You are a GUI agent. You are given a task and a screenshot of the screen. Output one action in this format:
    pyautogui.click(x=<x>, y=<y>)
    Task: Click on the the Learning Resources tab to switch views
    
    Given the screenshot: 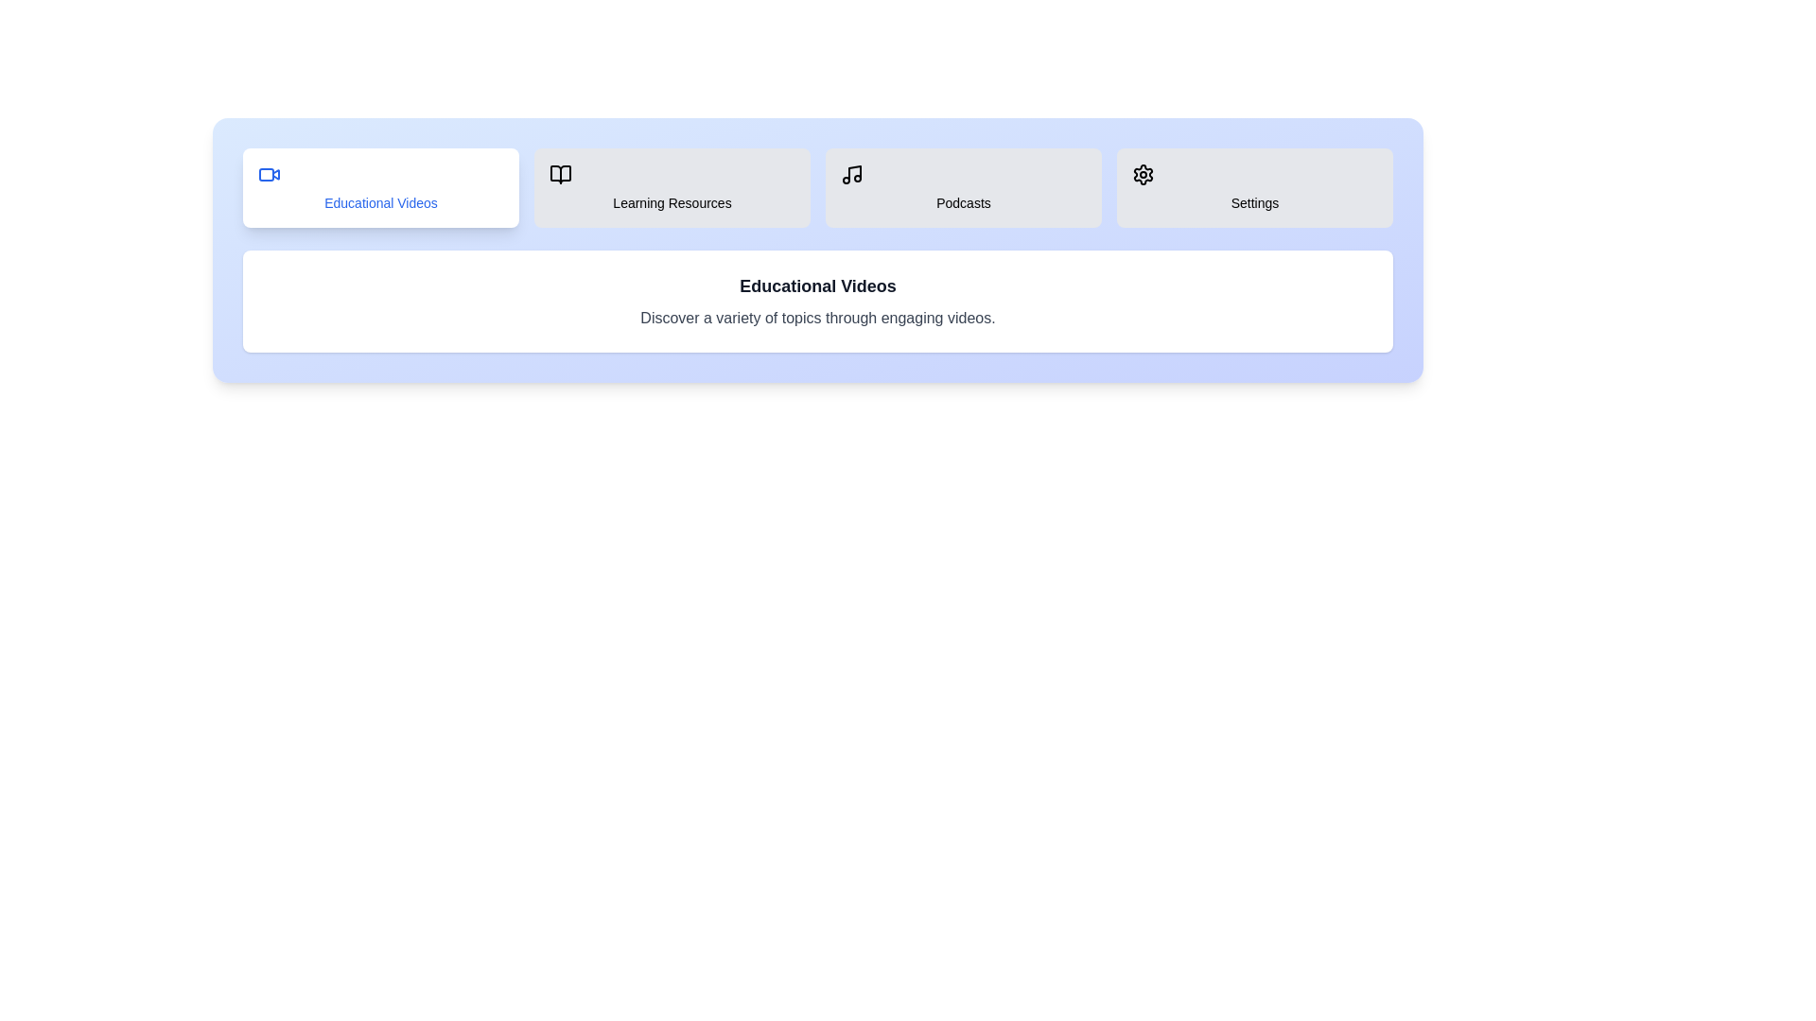 What is the action you would take?
    pyautogui.click(x=672, y=188)
    